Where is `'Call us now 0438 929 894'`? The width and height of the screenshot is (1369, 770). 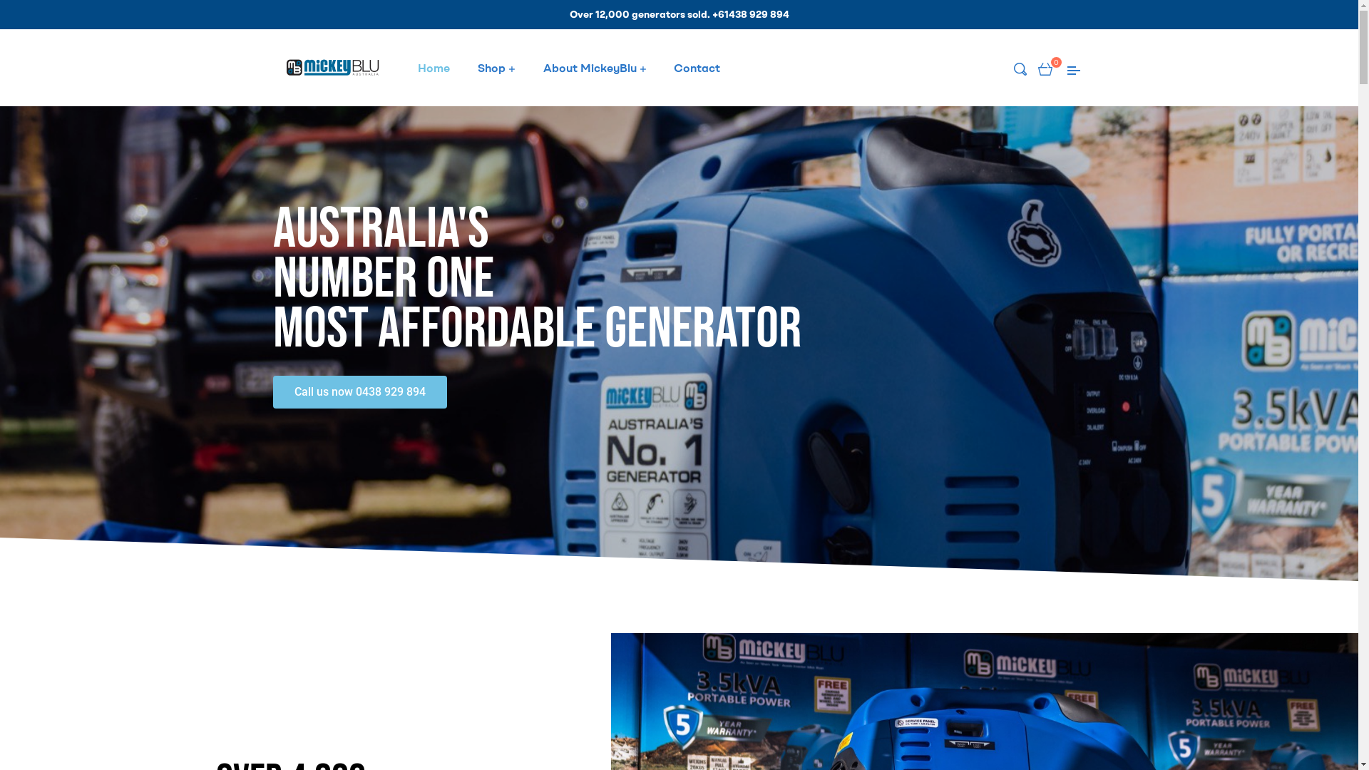
'Call us now 0438 929 894' is located at coordinates (359, 391).